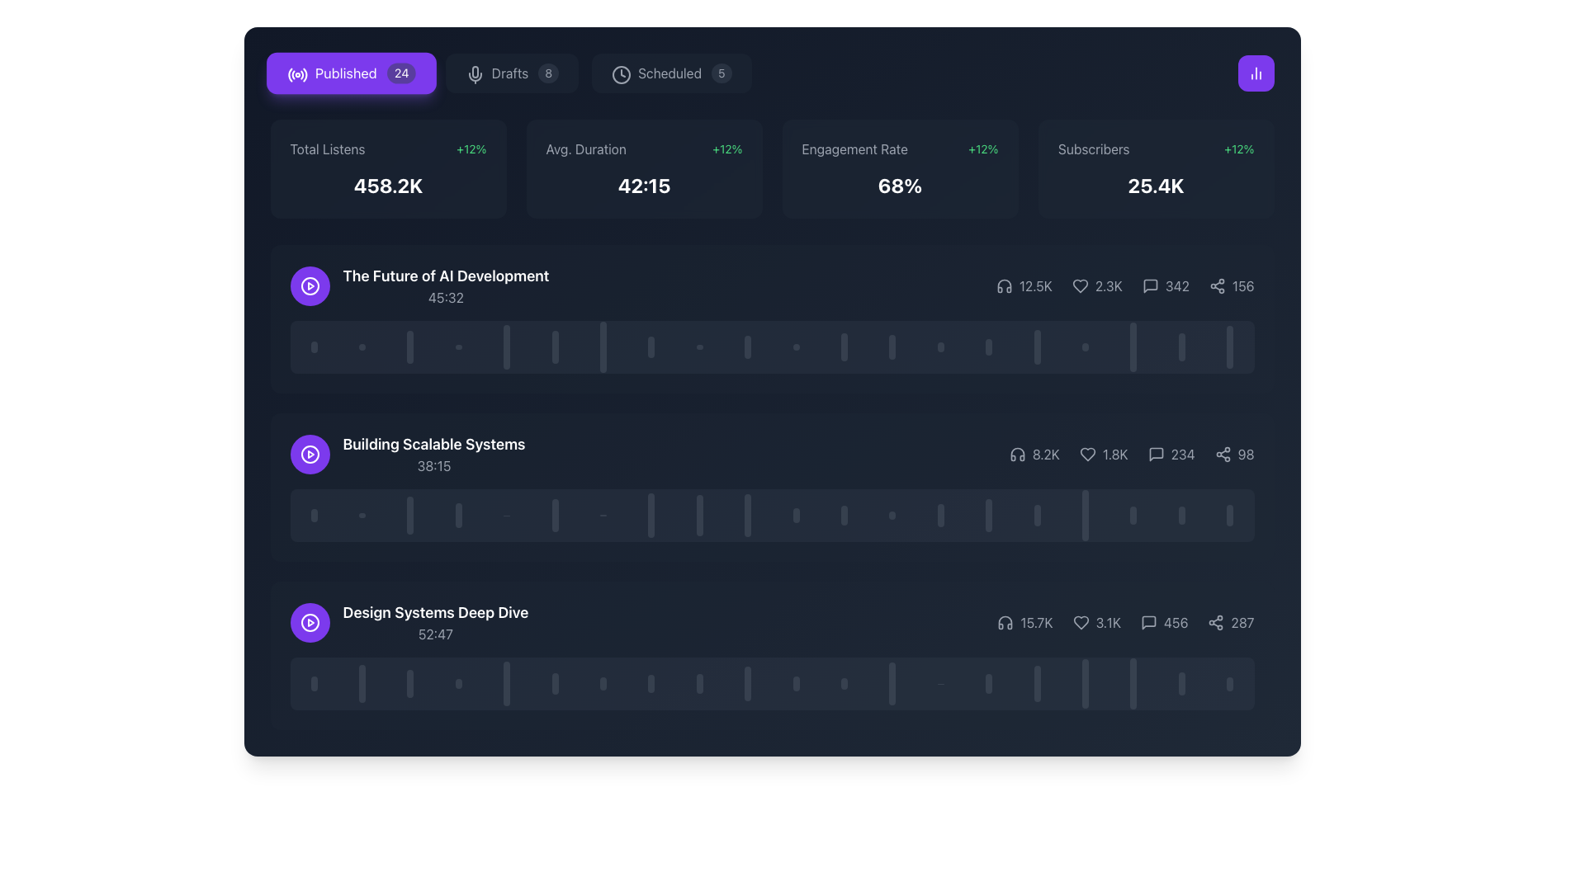 This screenshot has width=1585, height=891. Describe the element at coordinates (1081, 623) in the screenshot. I see `the heart icon located in the lower portion of the interface, representing the 'like' function for the content item 'Design Systems Deep Dive'` at that location.